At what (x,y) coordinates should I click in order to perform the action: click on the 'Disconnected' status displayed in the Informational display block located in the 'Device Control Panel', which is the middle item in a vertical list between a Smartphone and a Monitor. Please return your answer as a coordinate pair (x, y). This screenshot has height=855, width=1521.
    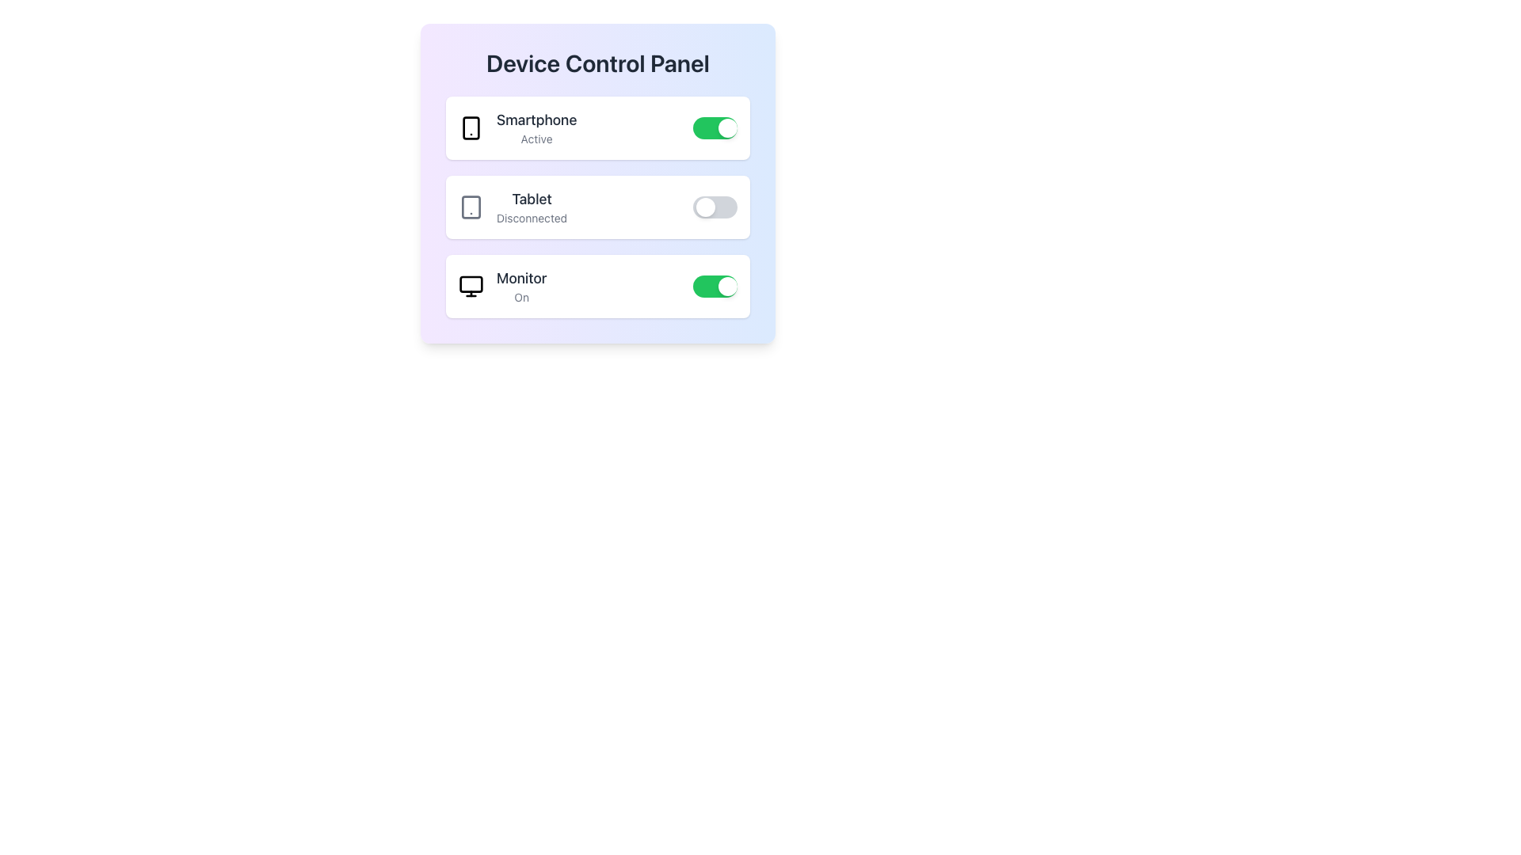
    Looking at the image, I should click on (513, 207).